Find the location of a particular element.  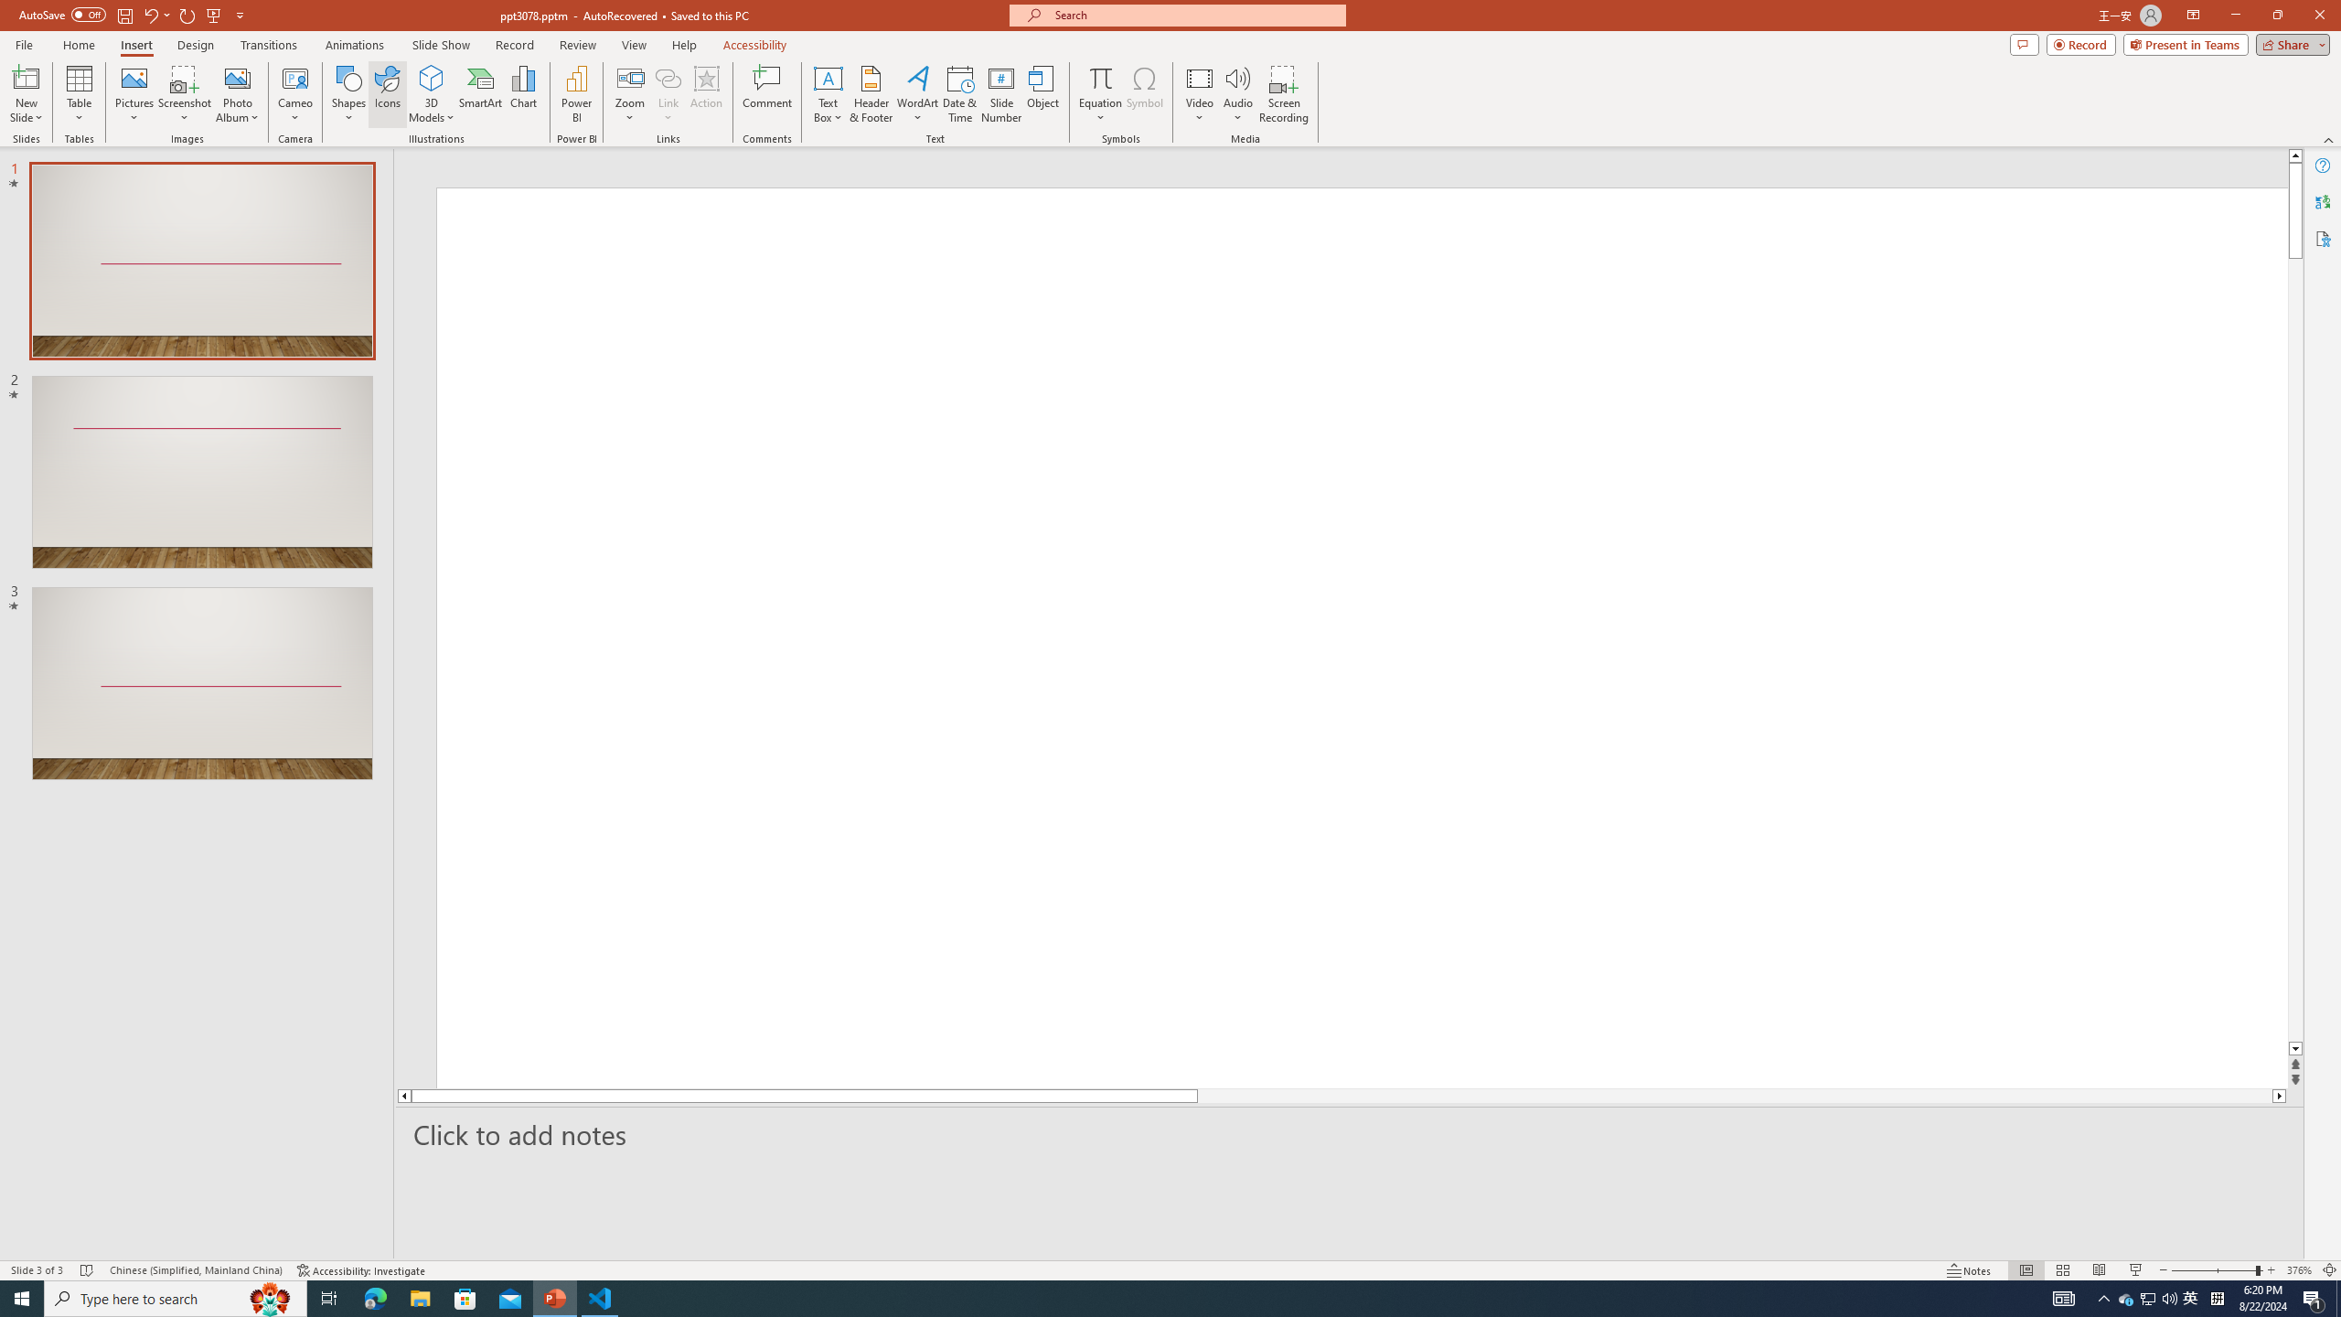

'3D Models' is located at coordinates (432, 77).